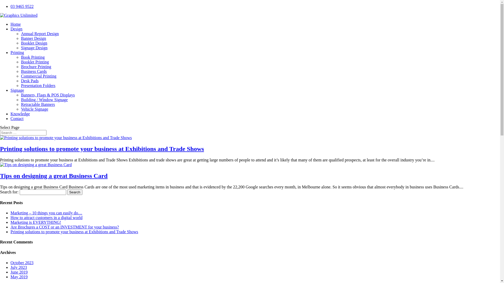  What do you see at coordinates (44, 100) in the screenshot?
I see `'Building / Window Signage'` at bounding box center [44, 100].